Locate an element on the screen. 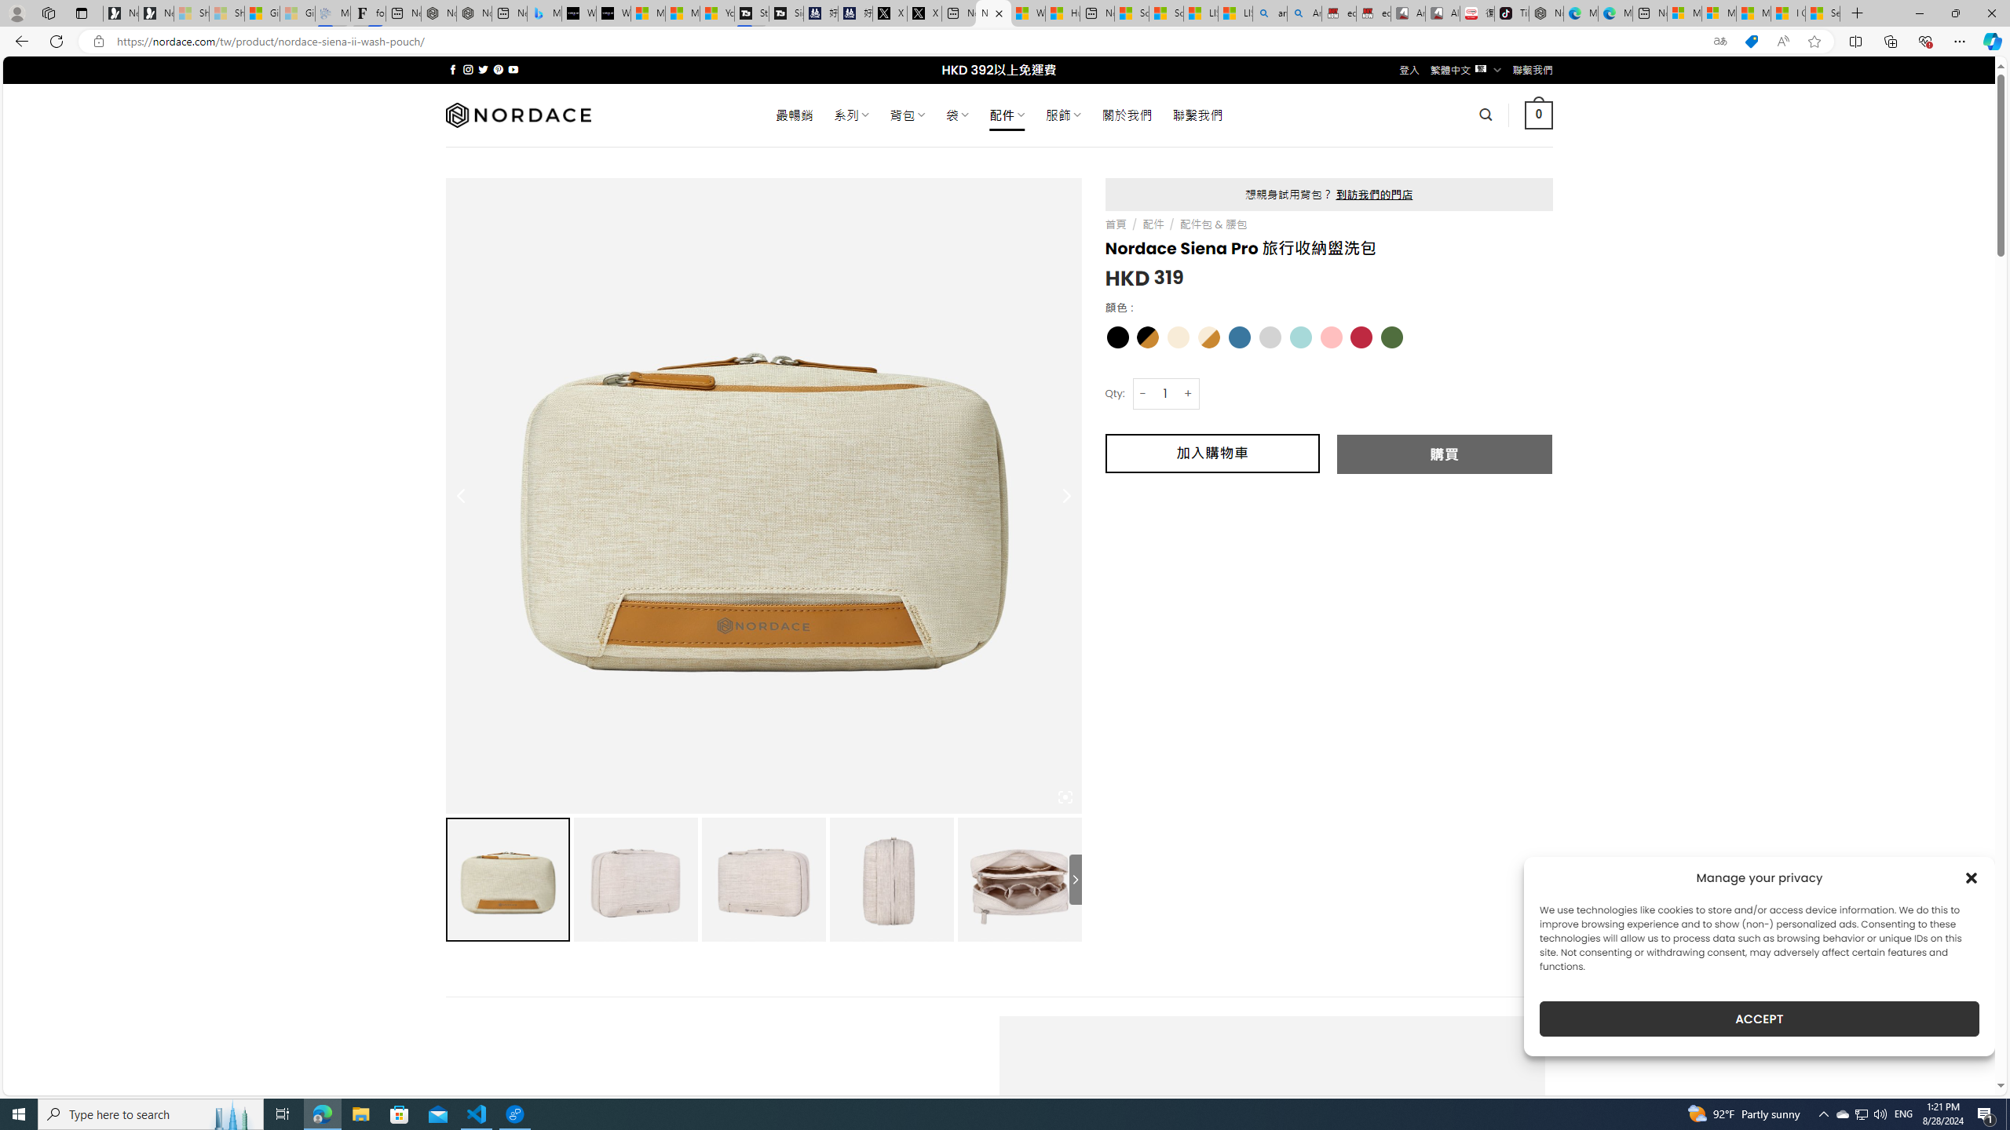  'Class: iconic-woothumbs-fullscreen' is located at coordinates (1065, 796).